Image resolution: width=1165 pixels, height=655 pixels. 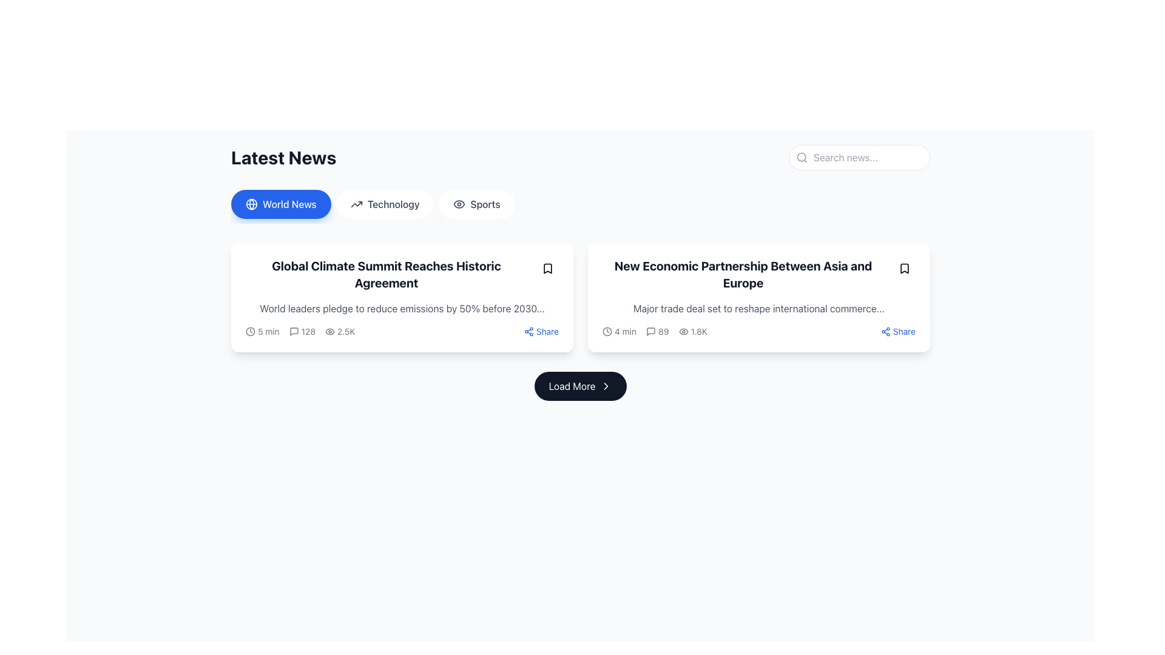 What do you see at coordinates (579, 386) in the screenshot?
I see `the 'Load More' button, which is a rounded rectangular button with white text on a dark background located at the bottom center of the interface` at bounding box center [579, 386].